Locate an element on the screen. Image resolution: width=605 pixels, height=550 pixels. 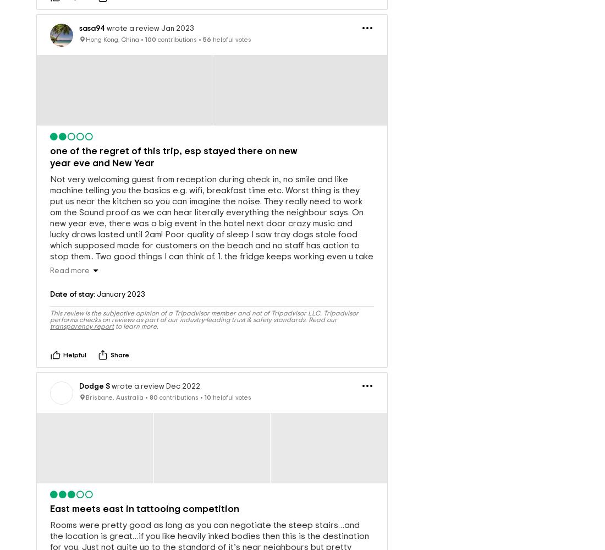
'Dodge S' is located at coordinates (94, 368).